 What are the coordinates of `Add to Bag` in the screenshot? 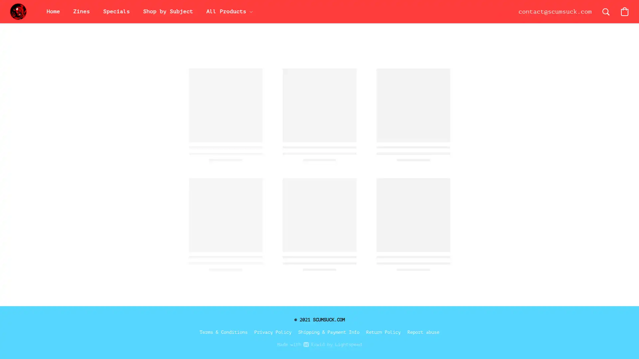 It's located at (436, 164).